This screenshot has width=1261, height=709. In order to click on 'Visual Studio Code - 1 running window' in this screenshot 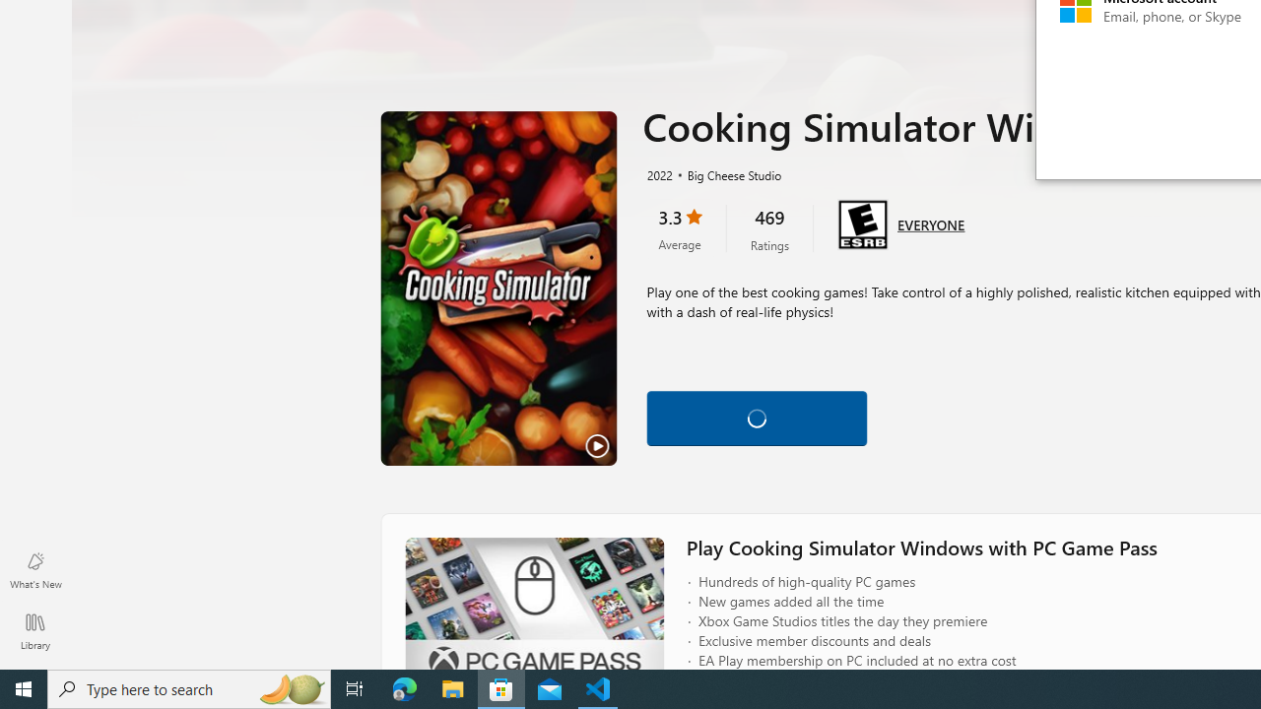, I will do `click(597, 687)`.